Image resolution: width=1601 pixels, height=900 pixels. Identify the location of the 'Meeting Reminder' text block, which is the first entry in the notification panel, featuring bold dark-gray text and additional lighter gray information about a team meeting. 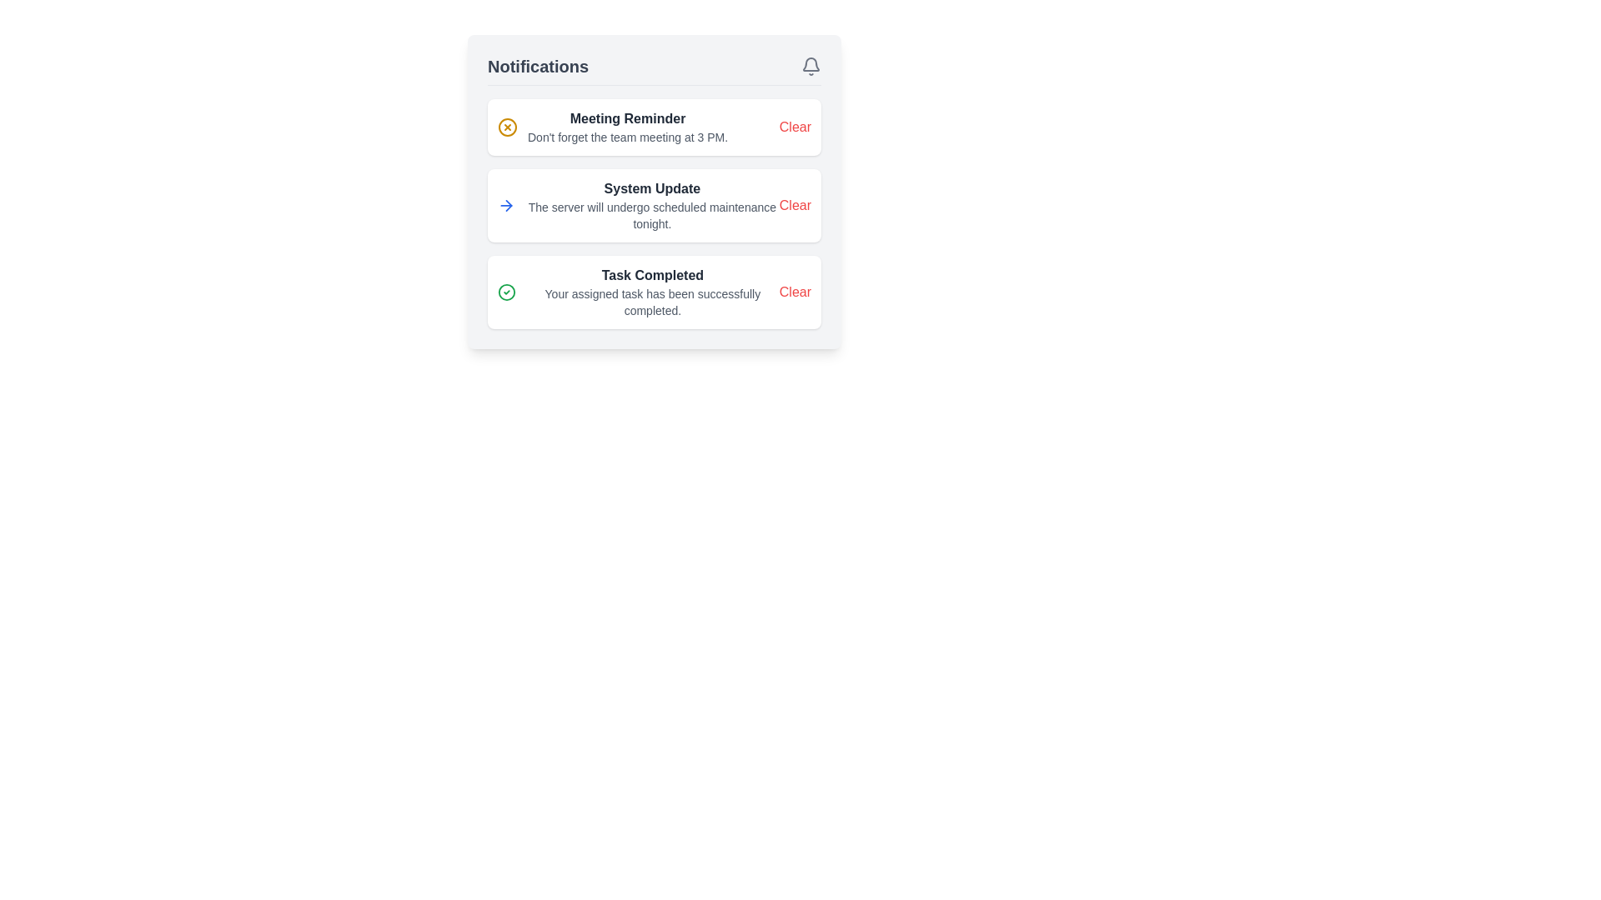
(627, 127).